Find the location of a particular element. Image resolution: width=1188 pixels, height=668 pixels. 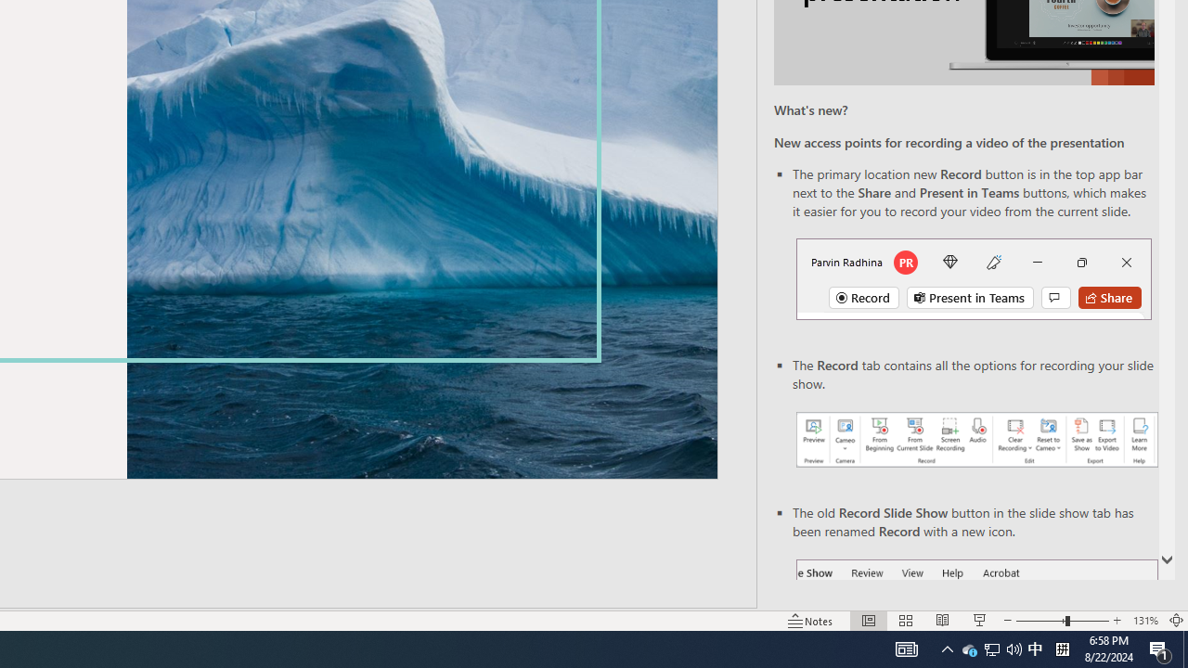

'Normal' is located at coordinates (868, 621).